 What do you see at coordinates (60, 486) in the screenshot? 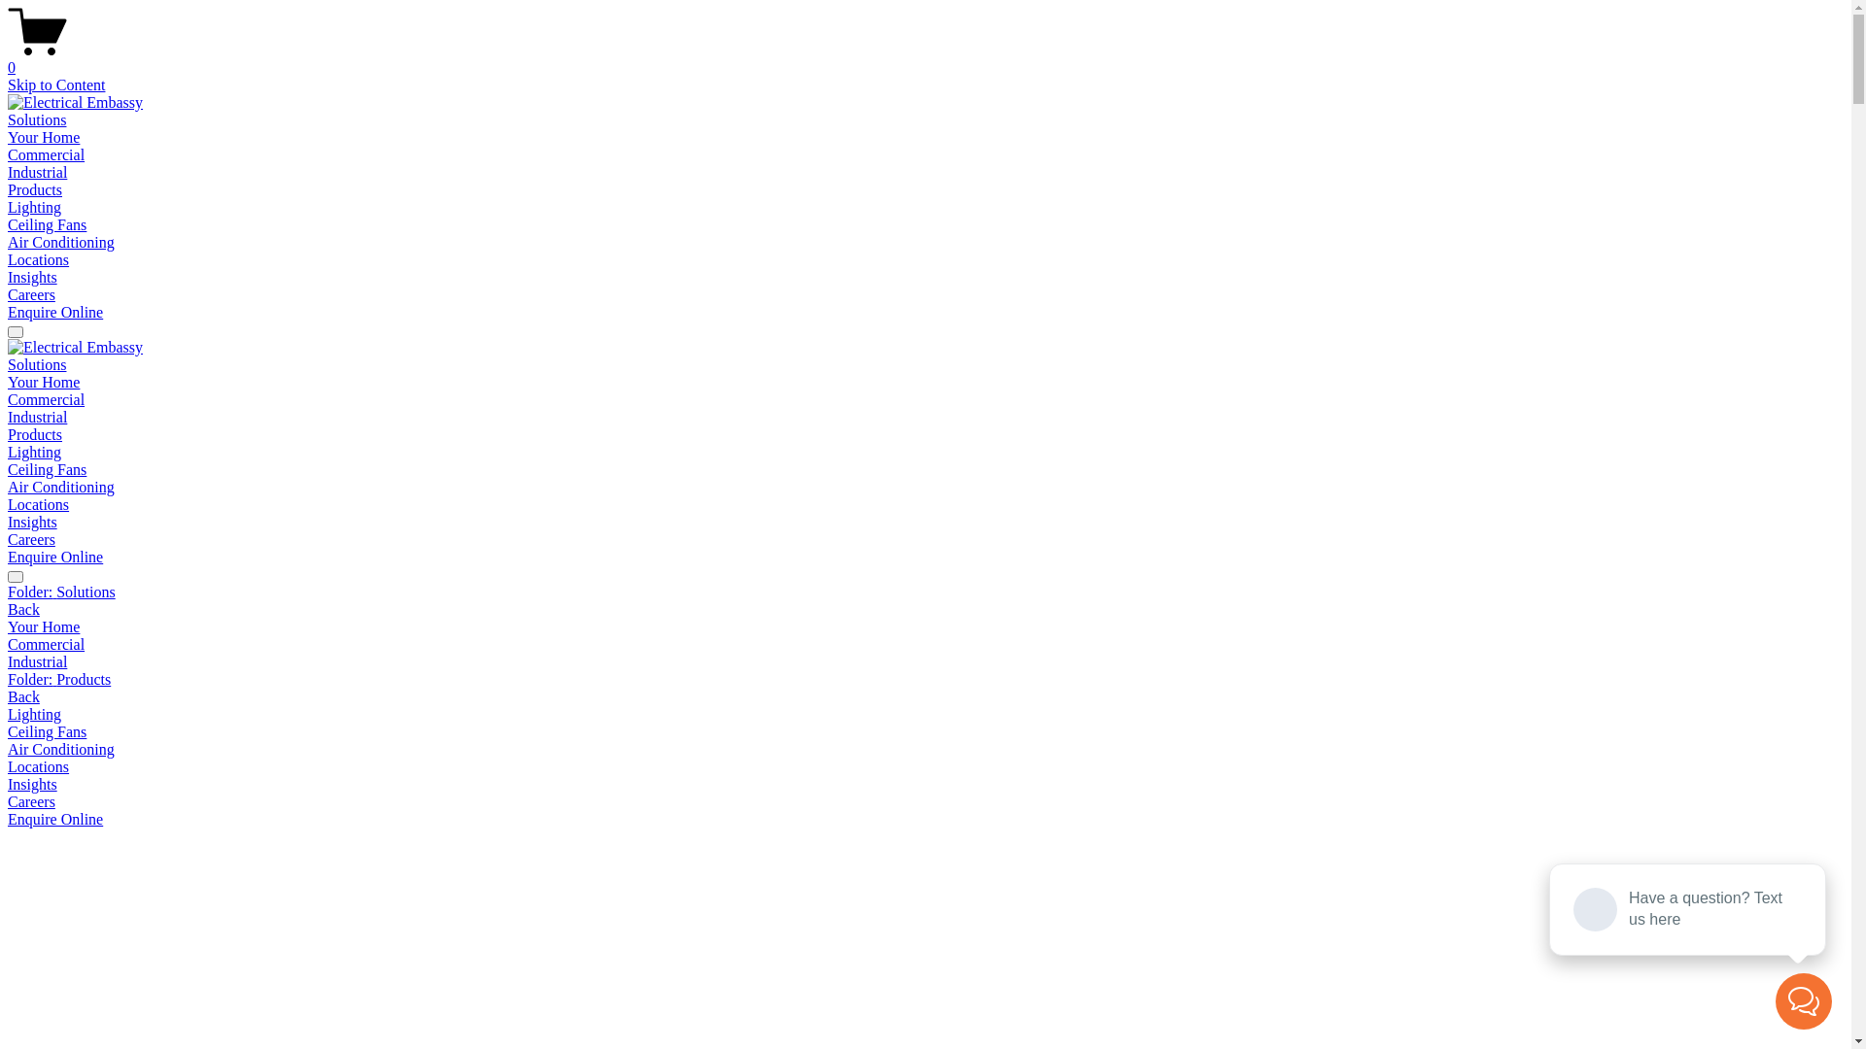
I see `'Air Conditioning'` at bounding box center [60, 486].